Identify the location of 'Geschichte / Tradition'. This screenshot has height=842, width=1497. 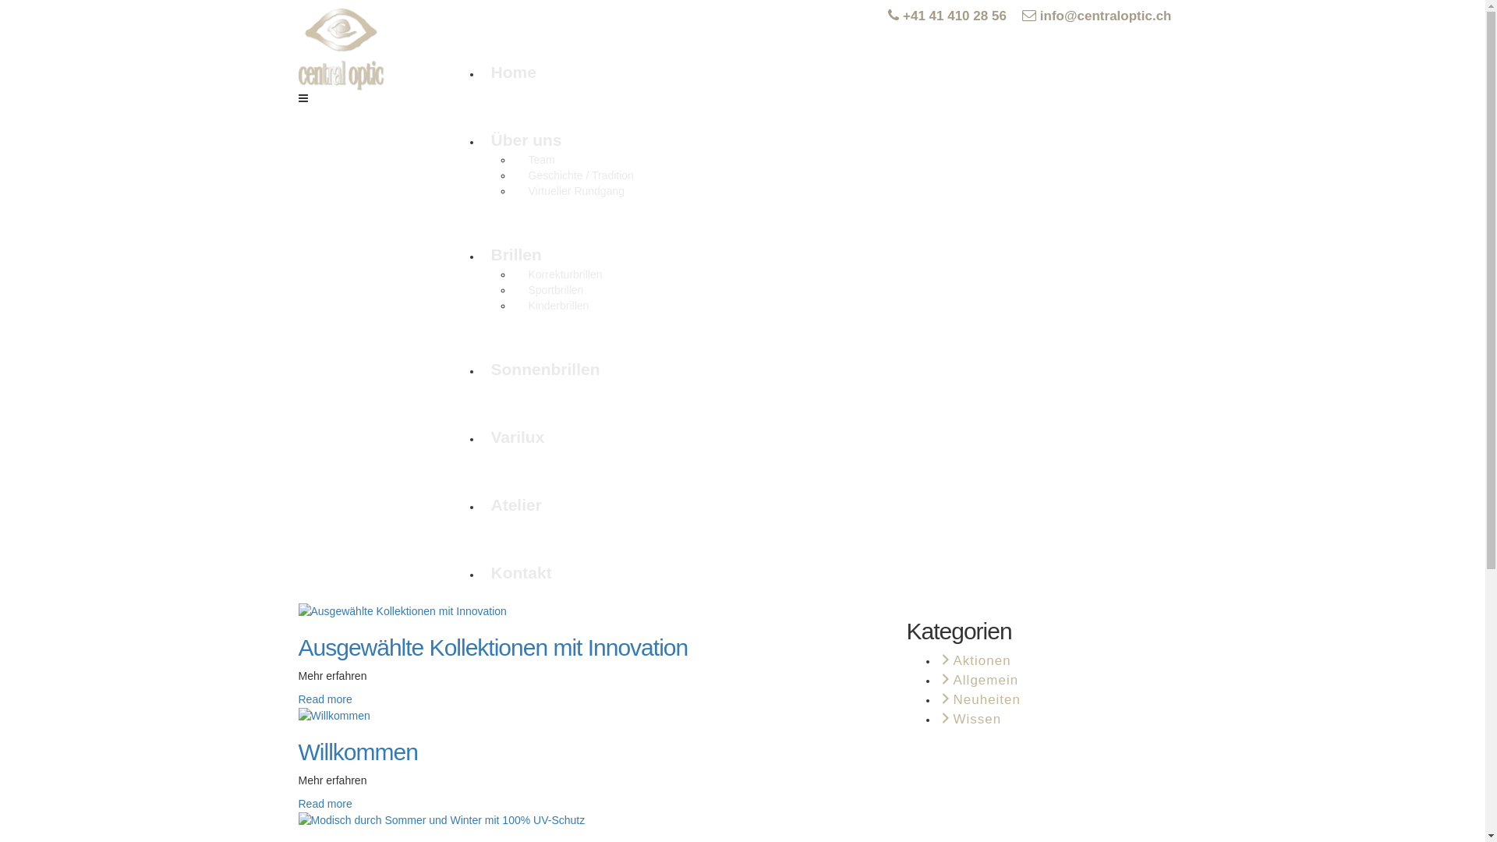
(580, 175).